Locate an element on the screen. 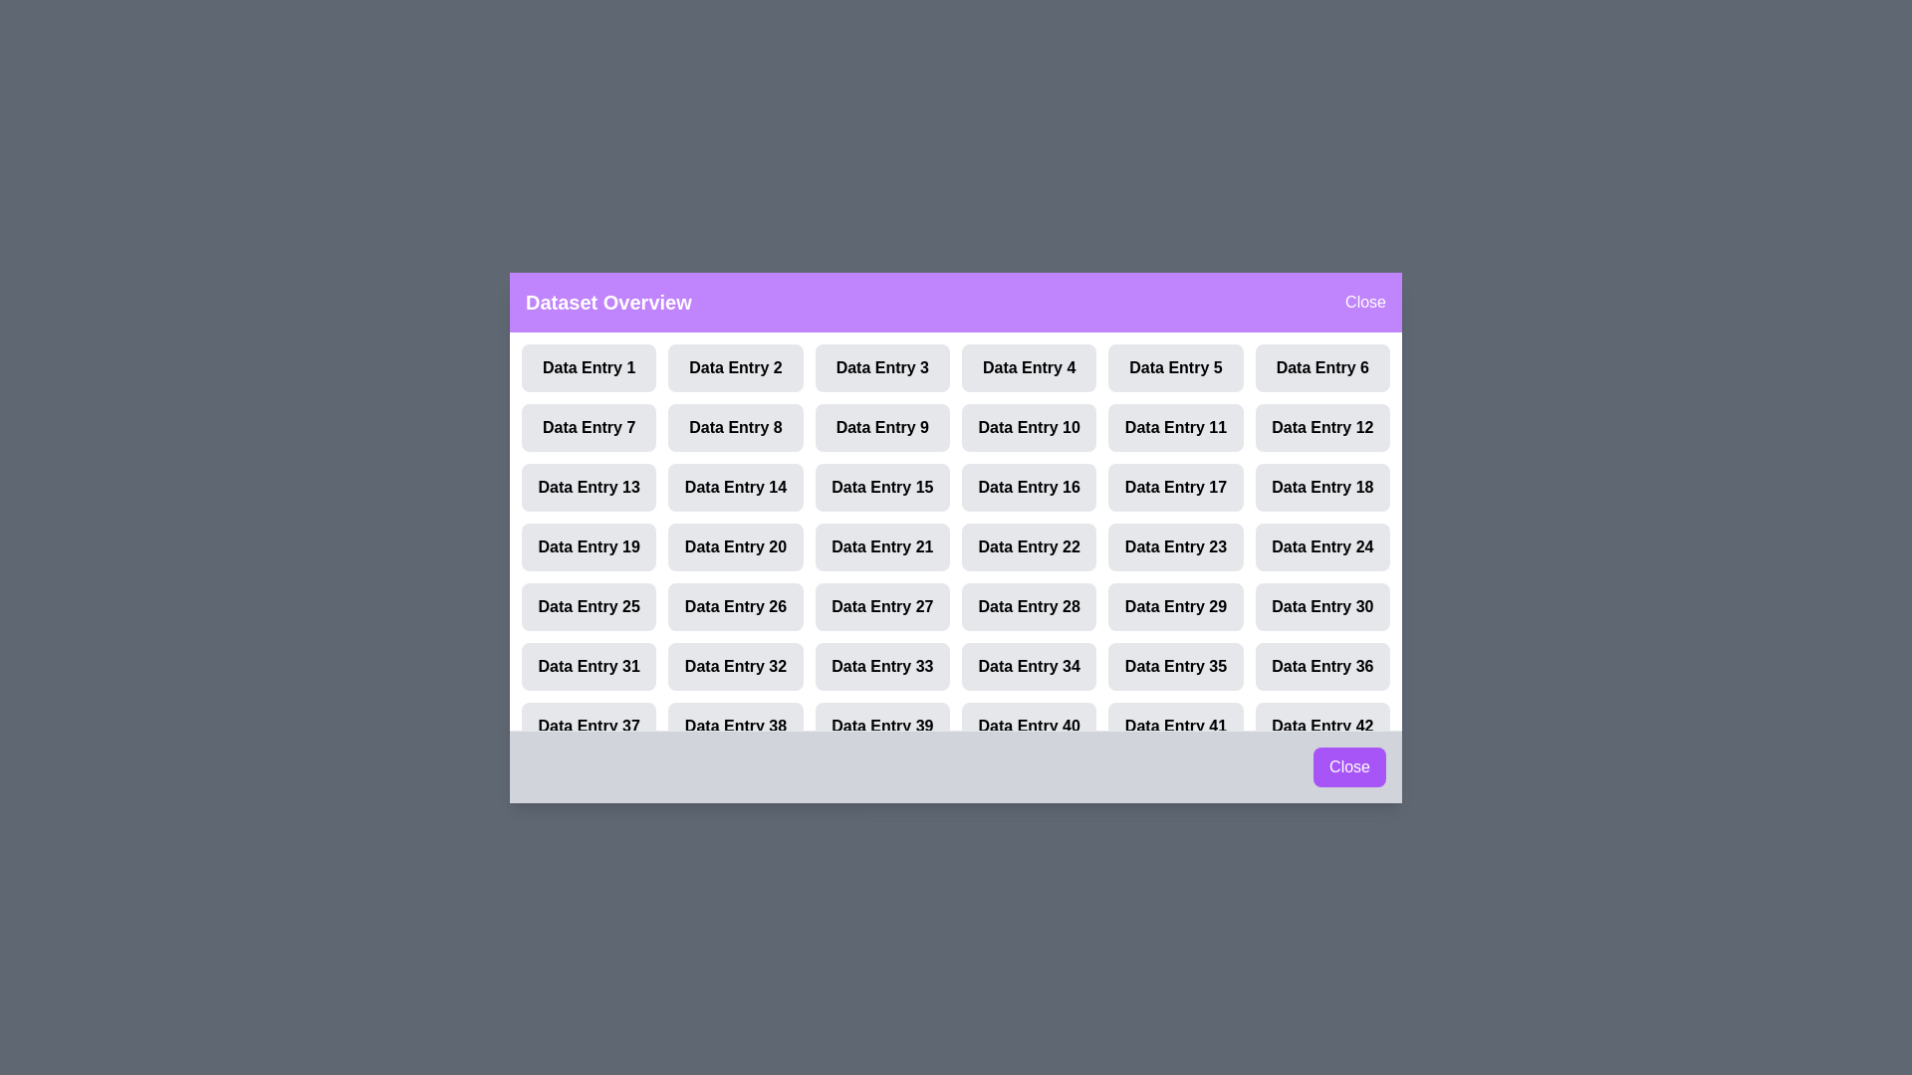  the header text labeled 'Dataset Overview' is located at coordinates (607, 302).